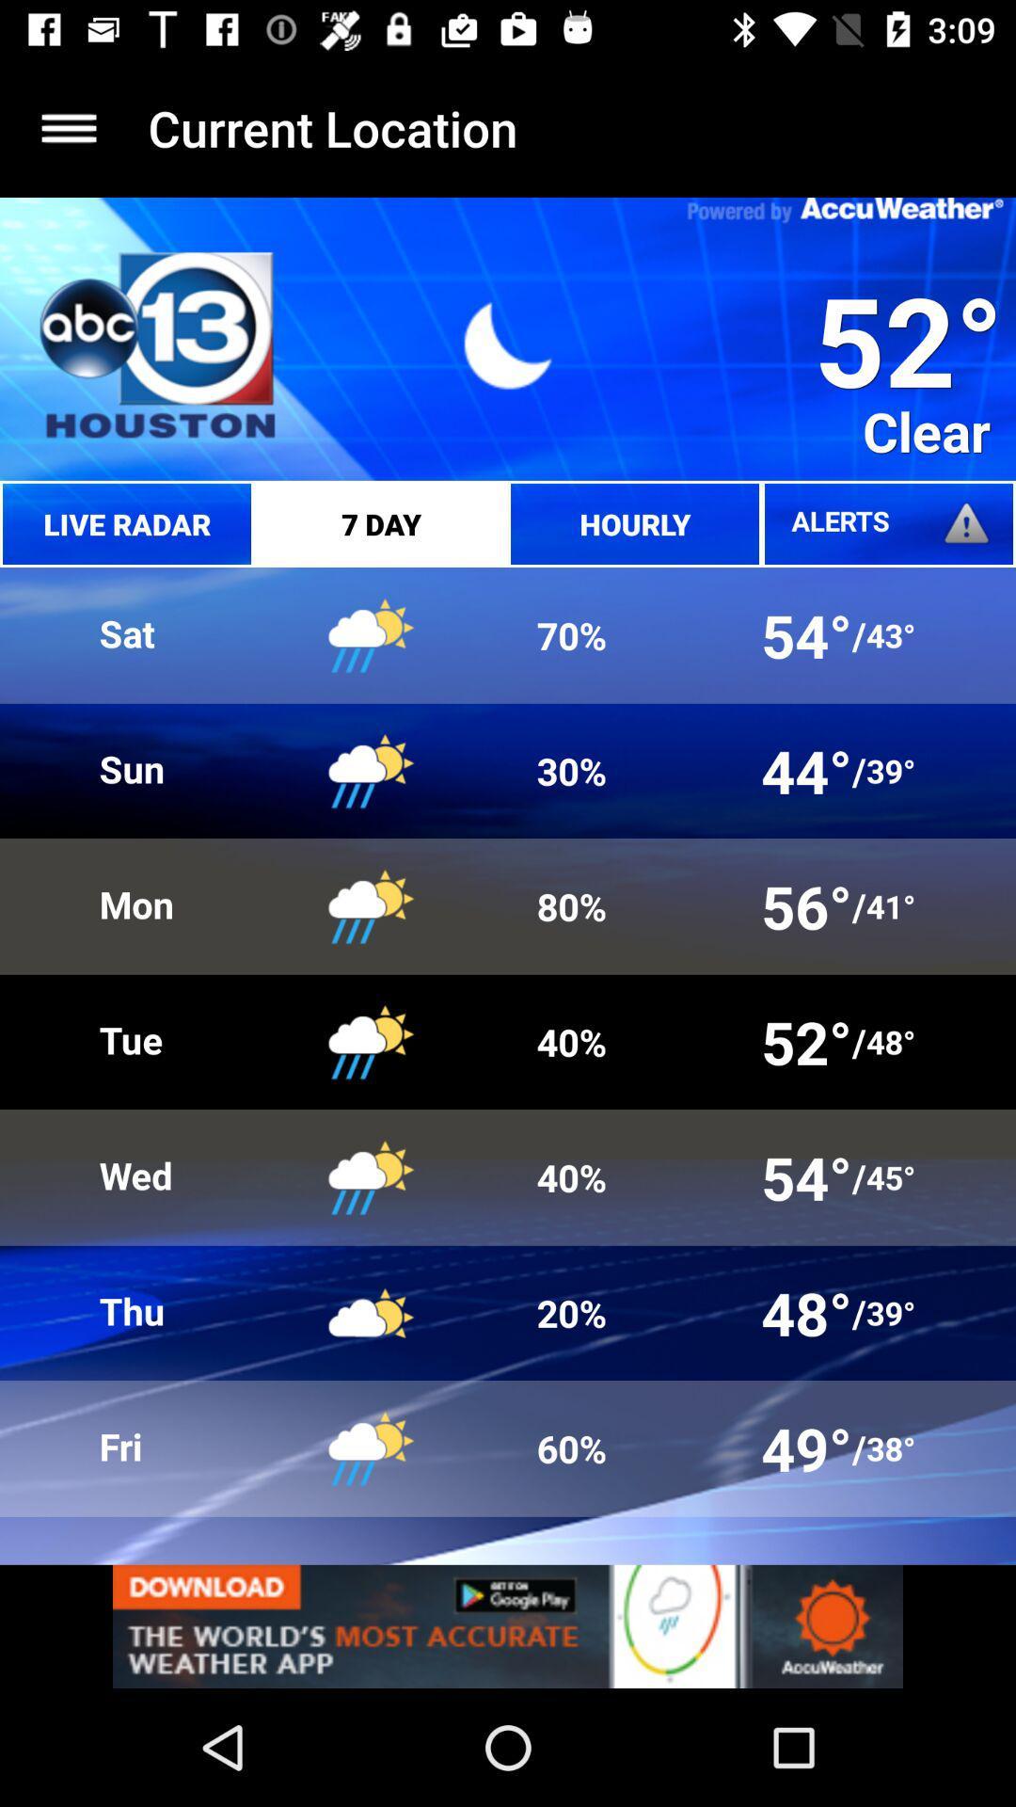 The image size is (1016, 1807). I want to click on download accuweather app from play store, so click(508, 1625).